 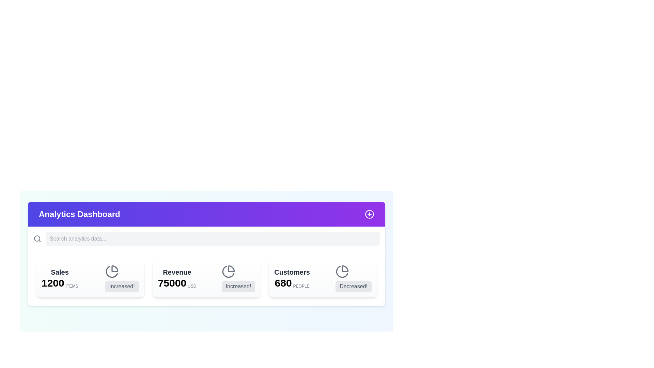 What do you see at coordinates (177, 272) in the screenshot?
I see `the 'Revenue' text label, which is bold and large, located in the center row of the dashboard above the number '75000'` at bounding box center [177, 272].